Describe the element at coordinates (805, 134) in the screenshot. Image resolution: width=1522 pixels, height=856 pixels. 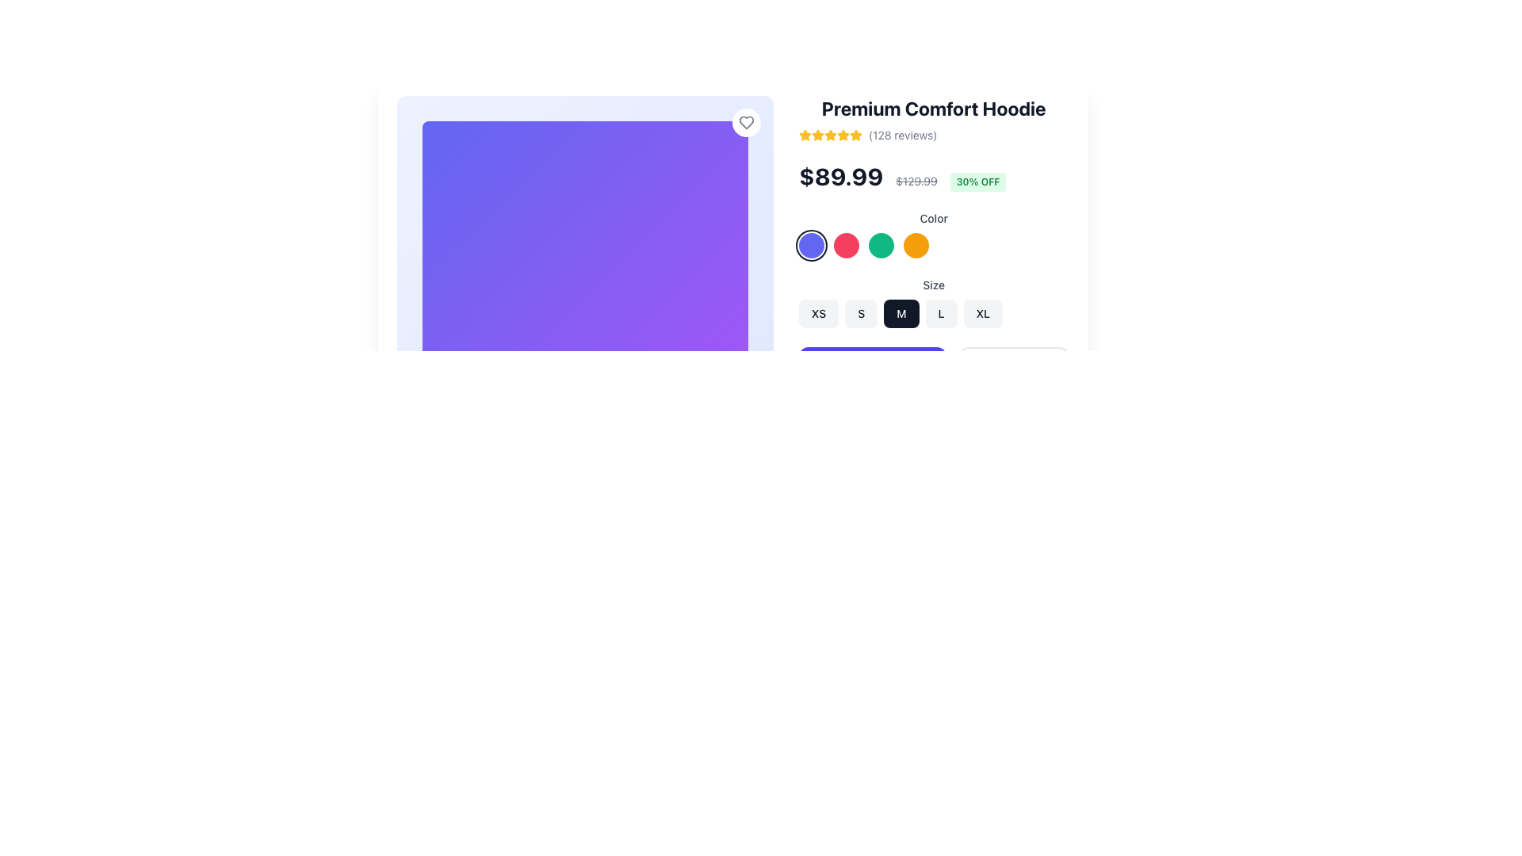
I see `the star icon filled with a golden-yellow color, located to the right of the '128 reviews' rating label in the product details panel` at that location.